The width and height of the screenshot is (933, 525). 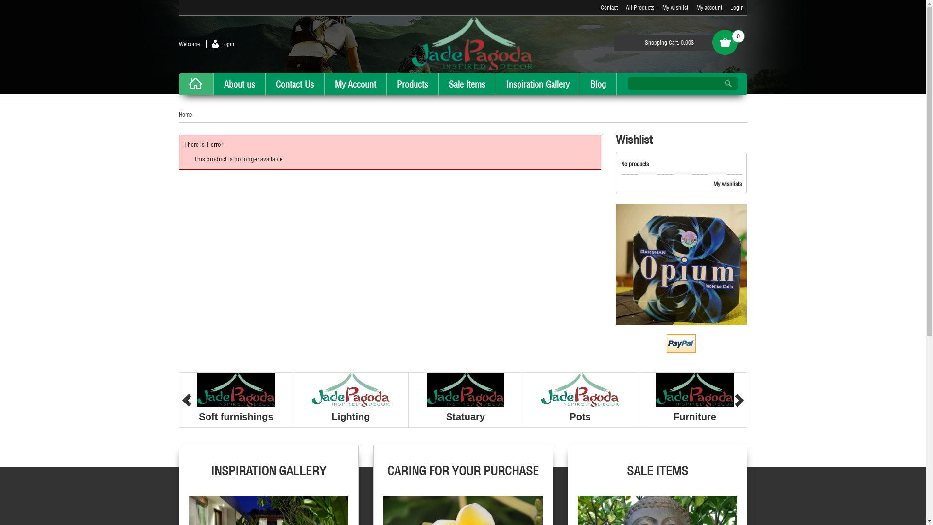 What do you see at coordinates (669, 42) in the screenshot?
I see `'Shopping Cart: 0.00$'` at bounding box center [669, 42].